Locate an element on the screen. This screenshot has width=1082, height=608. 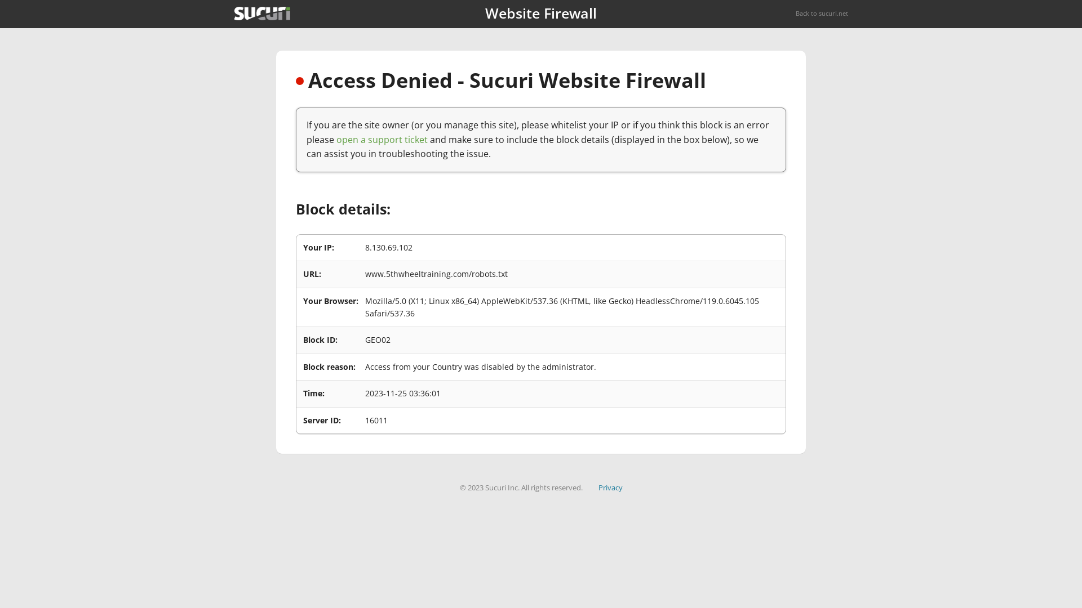
'Privacy' is located at coordinates (597, 487).